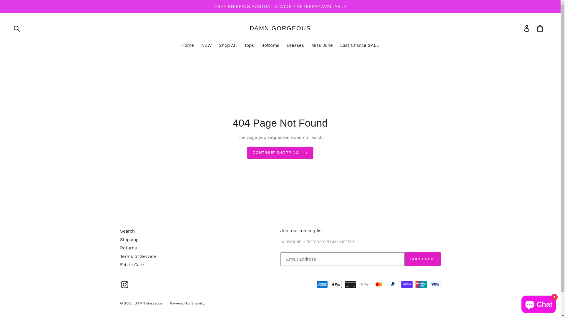  I want to click on 'Miss June', so click(308, 45).